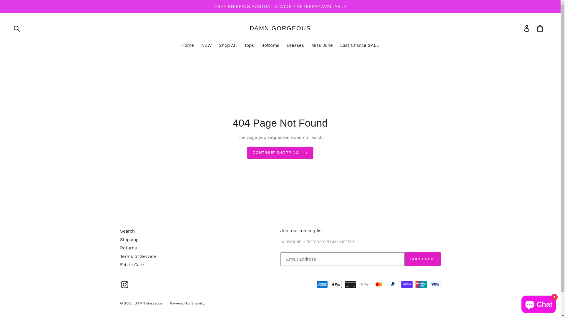  I want to click on 'Miss June', so click(308, 45).